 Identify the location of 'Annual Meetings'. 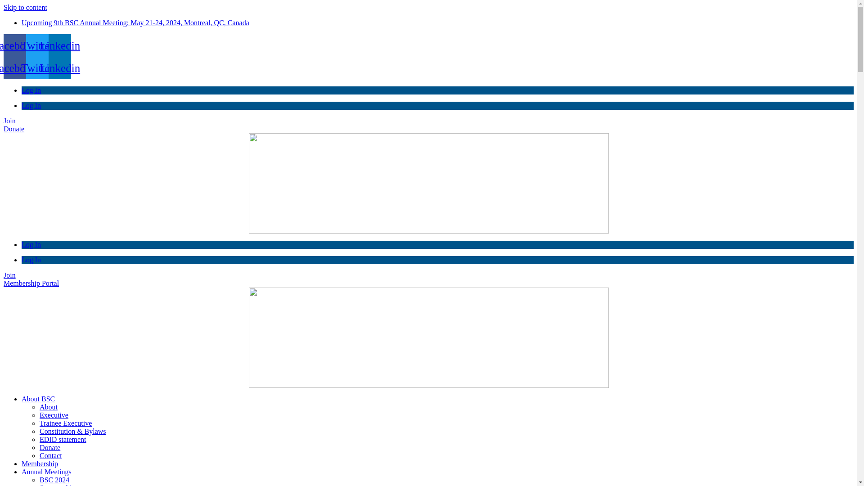
(46, 471).